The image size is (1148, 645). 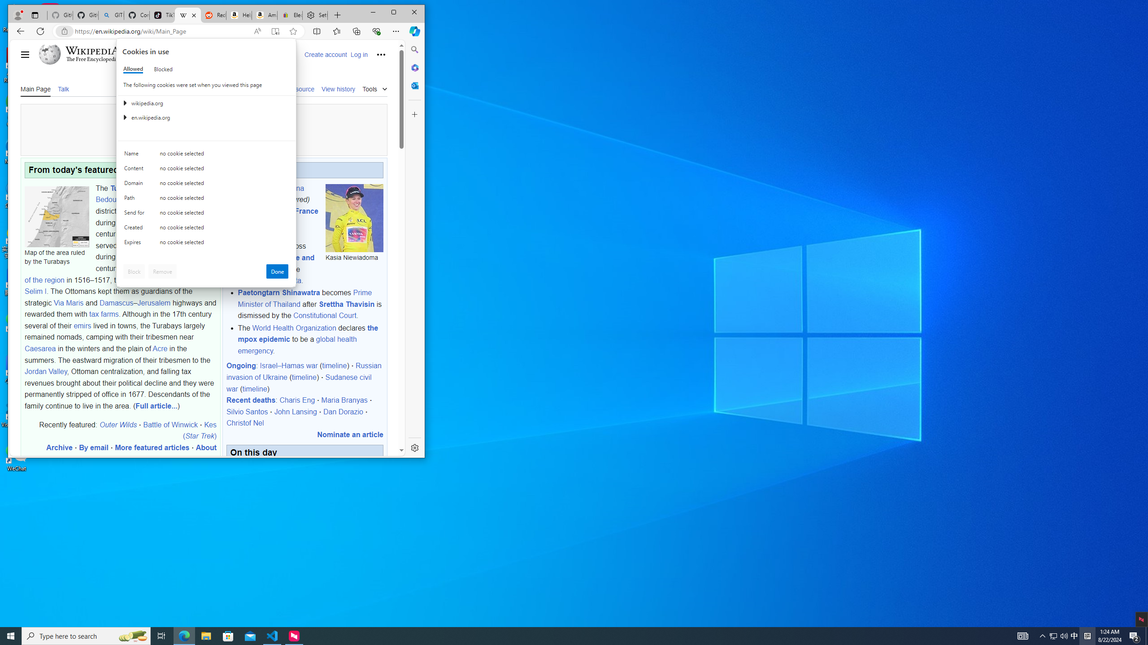 I want to click on 'Domain', so click(x=135, y=185).